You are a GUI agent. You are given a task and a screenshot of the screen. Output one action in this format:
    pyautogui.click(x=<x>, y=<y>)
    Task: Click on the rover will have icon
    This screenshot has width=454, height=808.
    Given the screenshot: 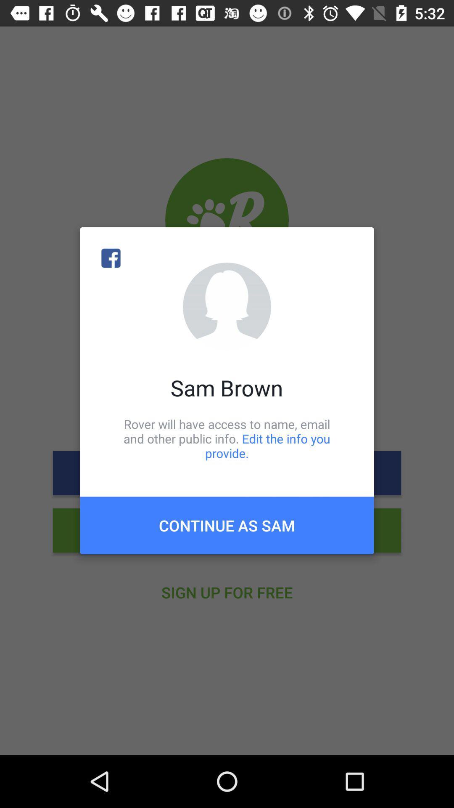 What is the action you would take?
    pyautogui.click(x=227, y=438)
    